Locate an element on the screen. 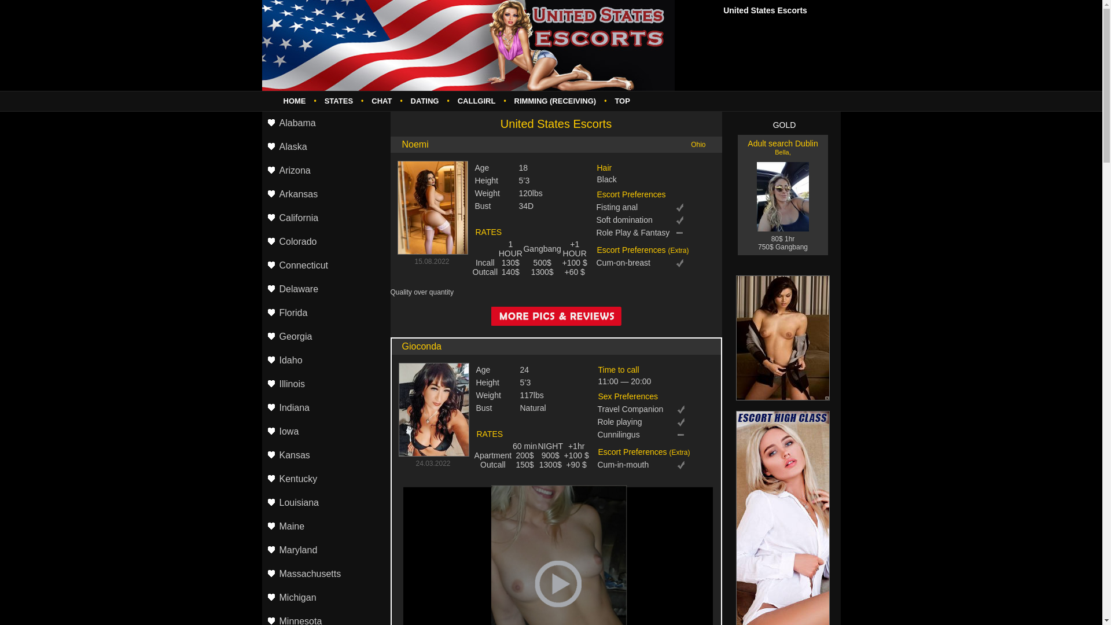  'Maine' is located at coordinates (324, 527).